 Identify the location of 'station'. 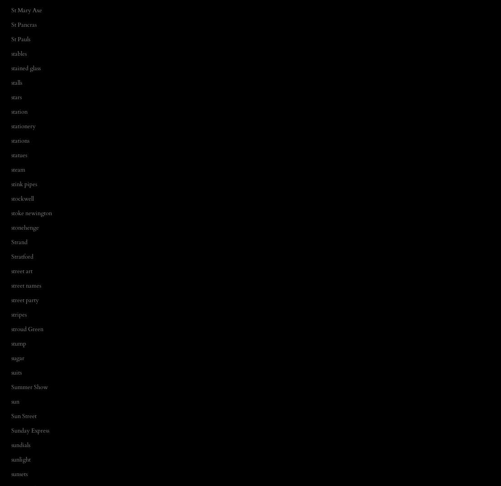
(19, 111).